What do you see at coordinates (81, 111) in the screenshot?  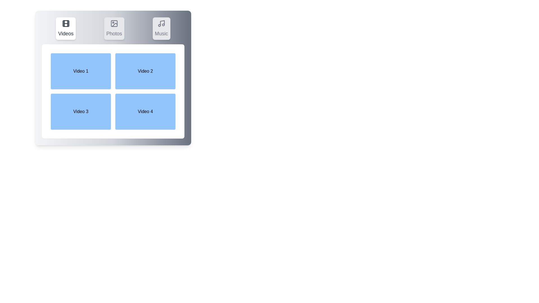 I see `the video box labeled Video 3` at bounding box center [81, 111].